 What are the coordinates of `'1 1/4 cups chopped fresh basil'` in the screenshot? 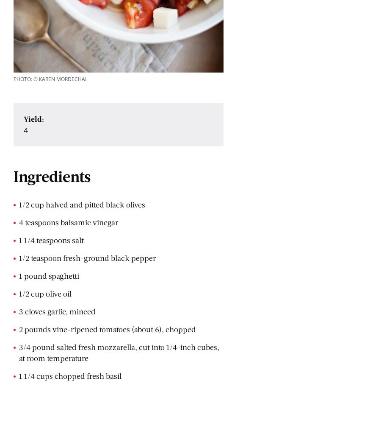 It's located at (19, 376).